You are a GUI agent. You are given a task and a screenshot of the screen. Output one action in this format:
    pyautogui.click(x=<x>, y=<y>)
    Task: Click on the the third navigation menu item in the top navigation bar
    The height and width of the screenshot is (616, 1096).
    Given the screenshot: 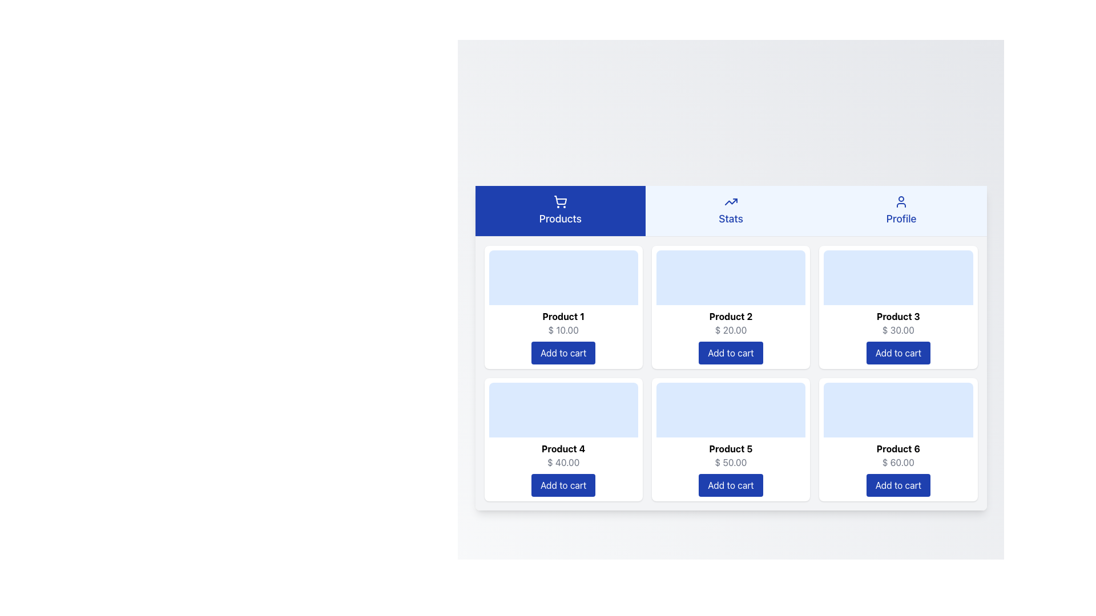 What is the action you would take?
    pyautogui.click(x=901, y=210)
    